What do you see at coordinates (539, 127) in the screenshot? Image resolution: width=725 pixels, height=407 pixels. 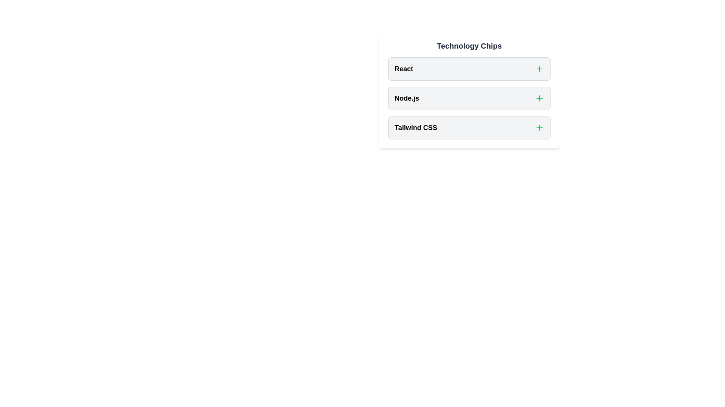 I see `the button corresponding to Tailwind CSS` at bounding box center [539, 127].